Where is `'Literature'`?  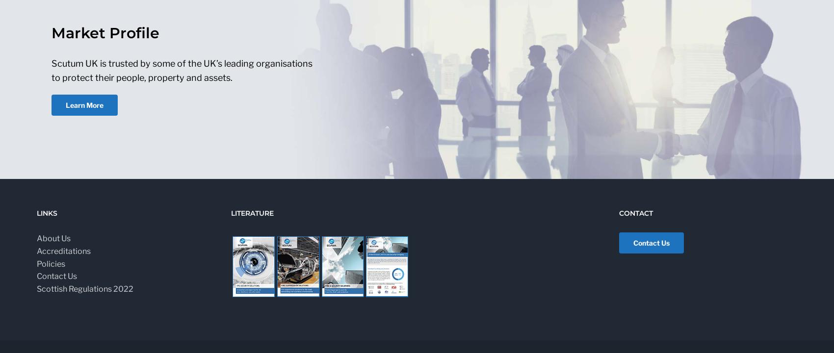 'Literature' is located at coordinates (231, 213).